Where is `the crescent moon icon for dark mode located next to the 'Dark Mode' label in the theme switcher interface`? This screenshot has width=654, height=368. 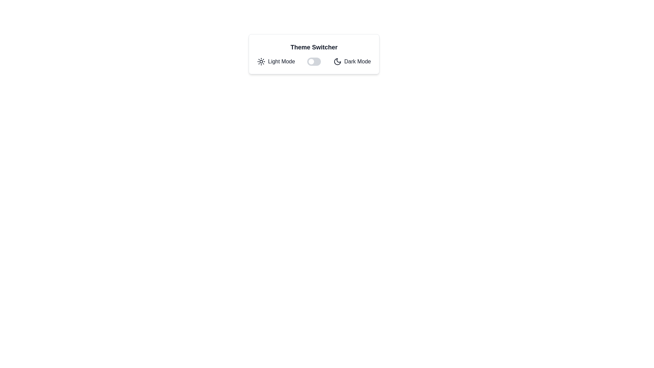
the crescent moon icon for dark mode located next to the 'Dark Mode' label in the theme switcher interface is located at coordinates (337, 62).